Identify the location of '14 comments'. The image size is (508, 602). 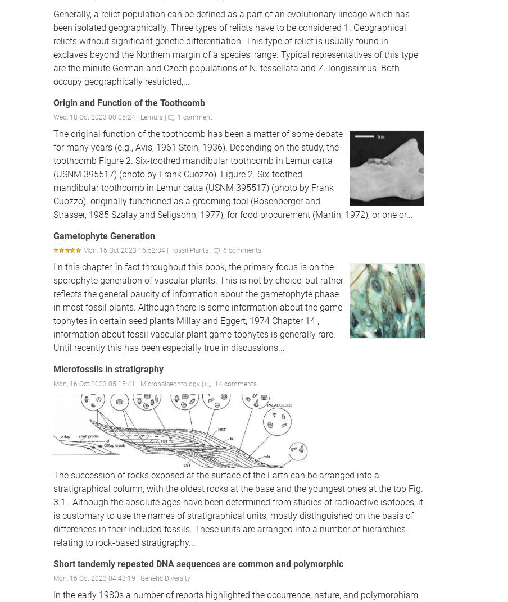
(214, 382).